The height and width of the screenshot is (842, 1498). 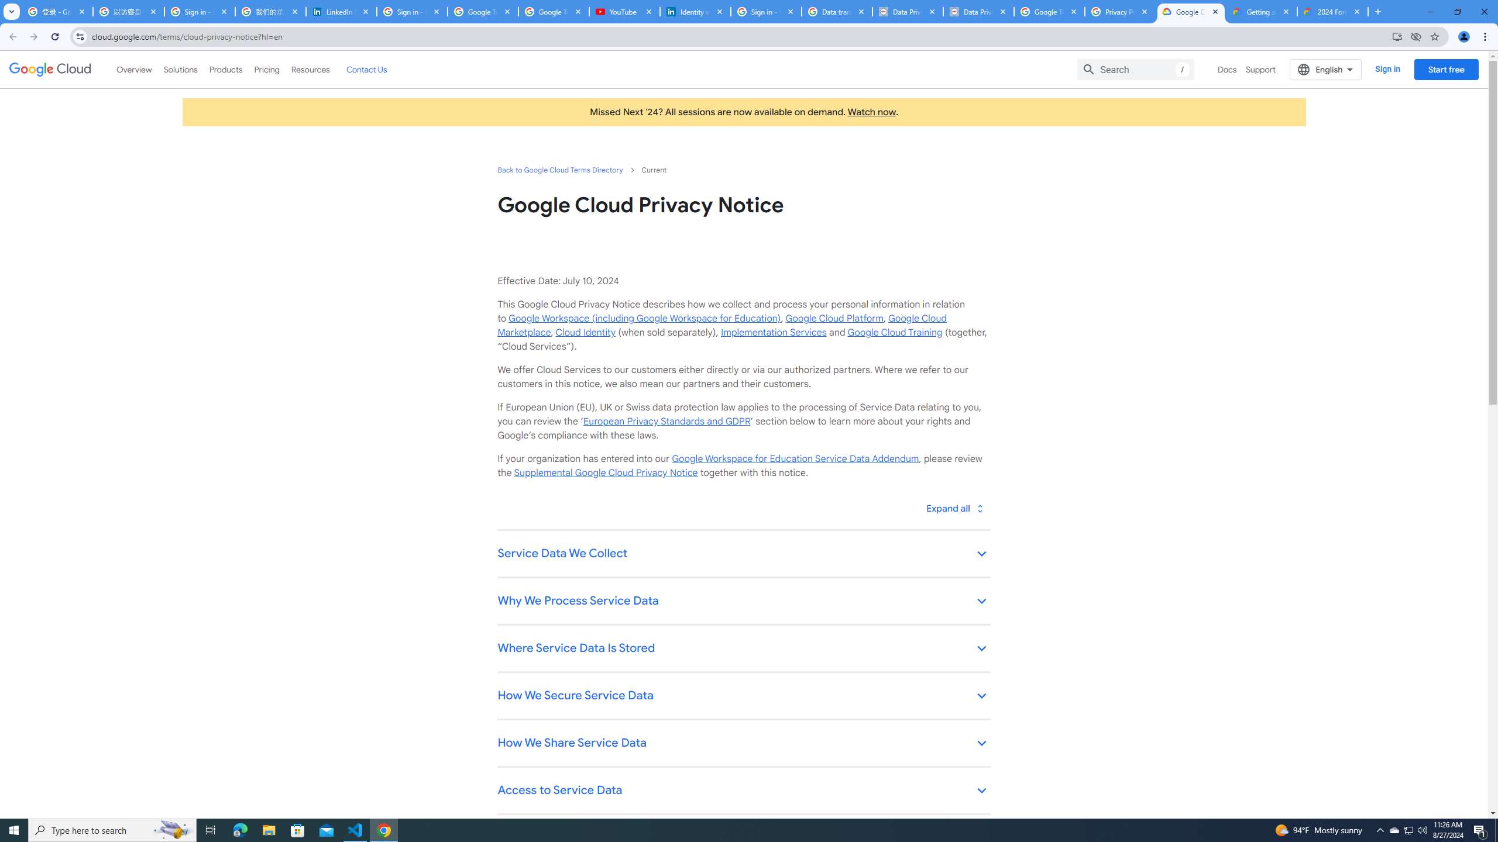 What do you see at coordinates (978, 11) in the screenshot?
I see `'Data Privacy Framework'` at bounding box center [978, 11].